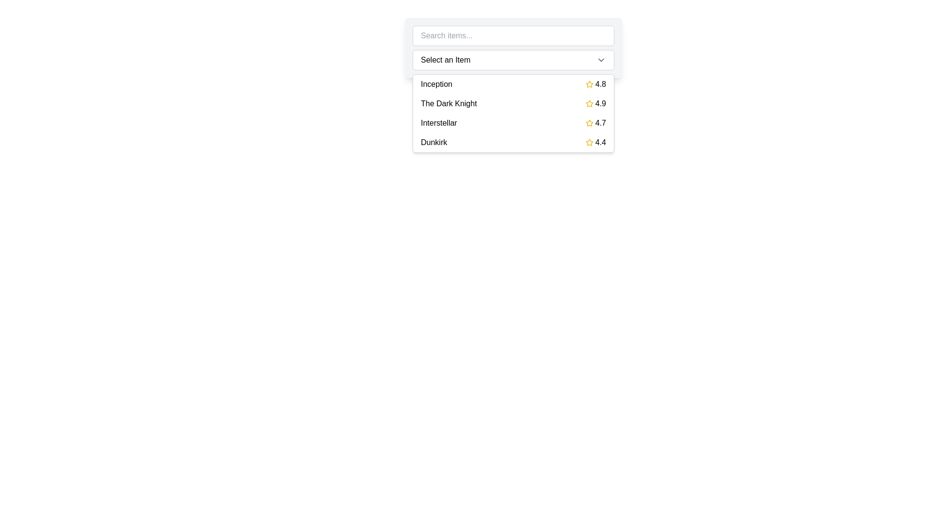 Image resolution: width=931 pixels, height=524 pixels. Describe the element at coordinates (595, 123) in the screenshot. I see `the rating display for the item 'Interstellar' located on the right side of its dropdown list under the 'Select an Item' input field` at that location.